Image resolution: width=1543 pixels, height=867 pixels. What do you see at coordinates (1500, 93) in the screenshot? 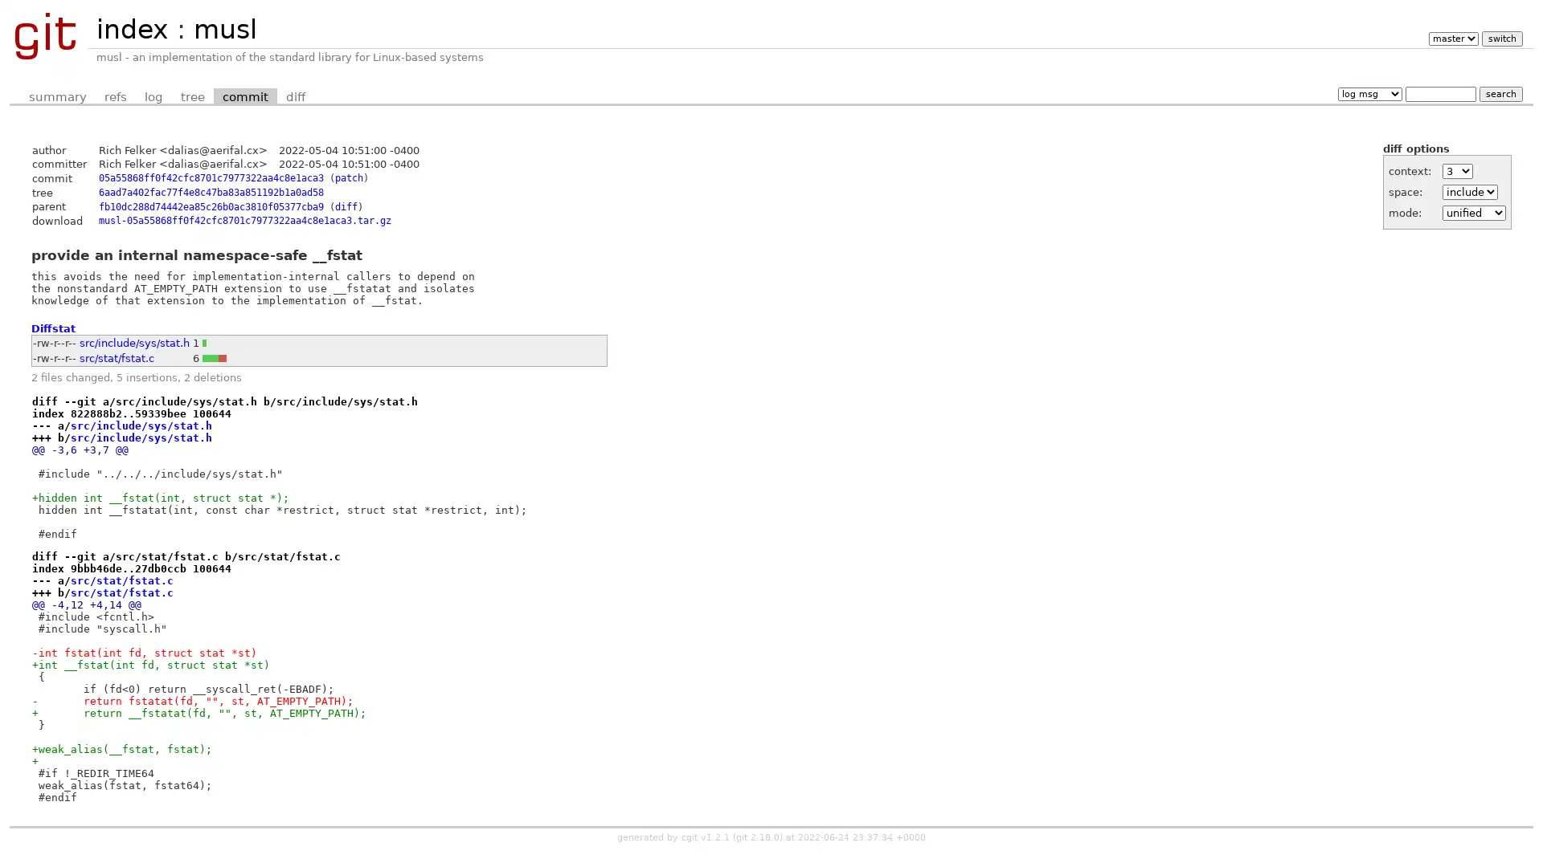
I see `search` at bounding box center [1500, 93].